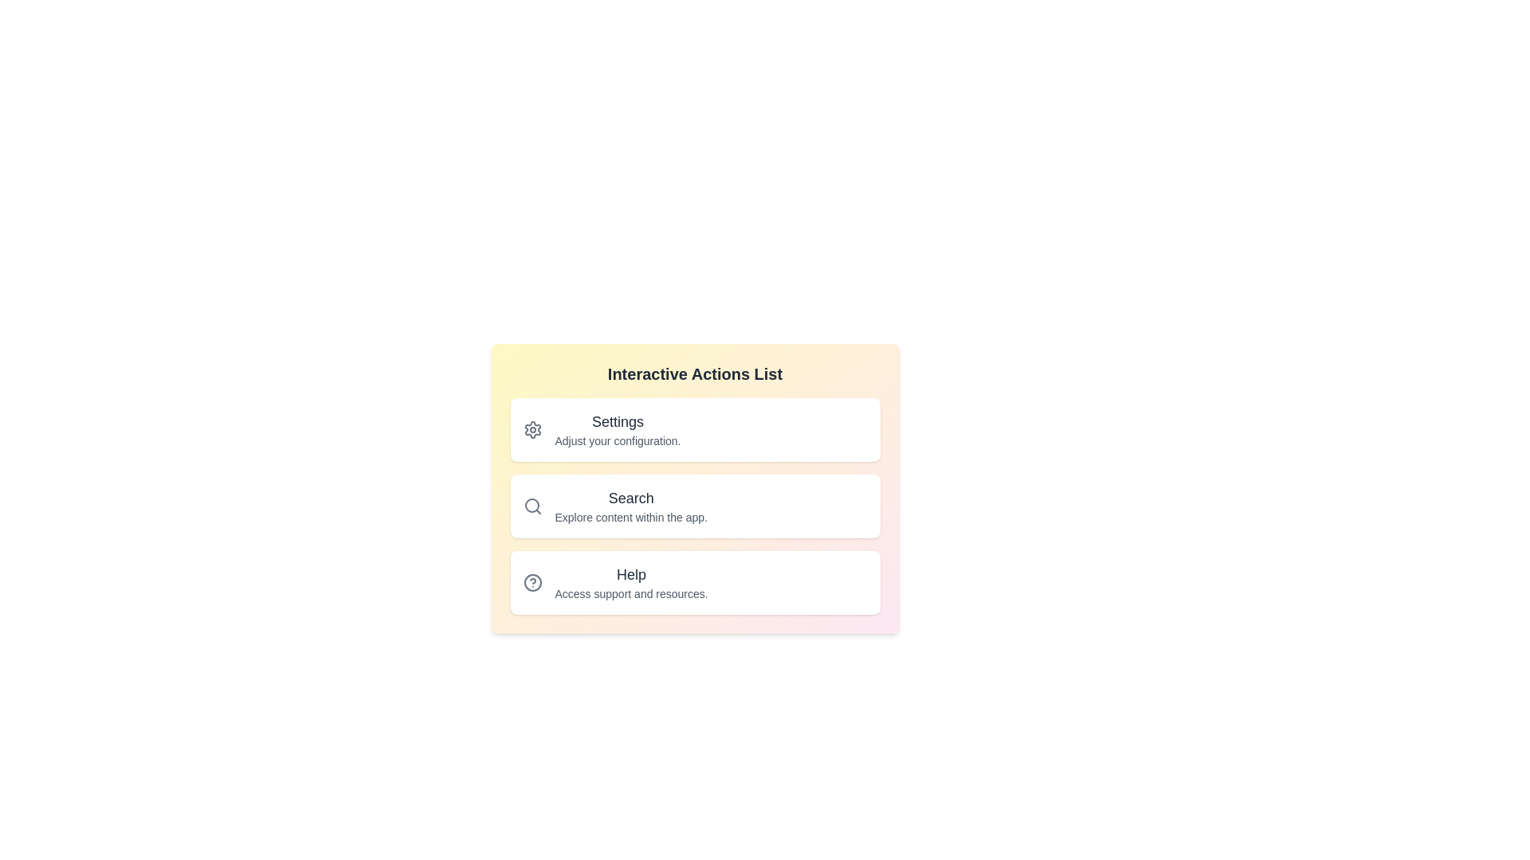  What do you see at coordinates (695, 506) in the screenshot?
I see `the list item corresponding to Search` at bounding box center [695, 506].